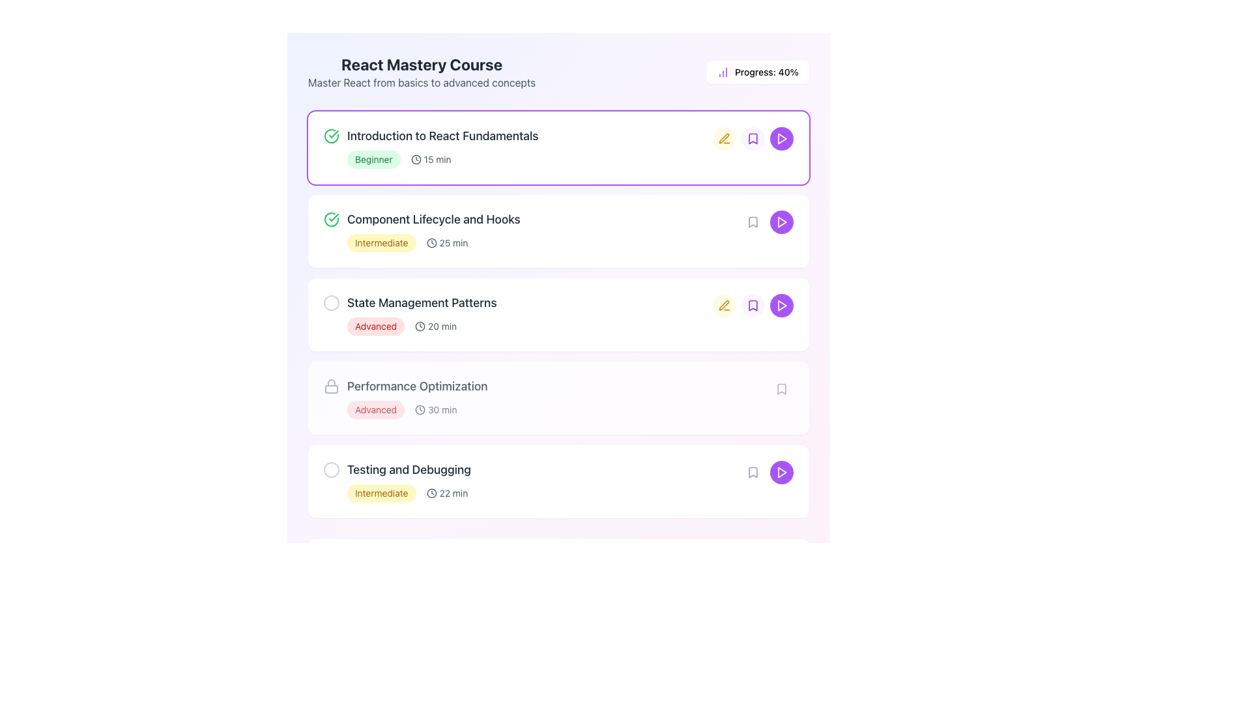  What do you see at coordinates (431, 493) in the screenshot?
I see `the circular clock icon located to the left of the '15 min' text under 'Introduction to React Fundamentals'` at bounding box center [431, 493].